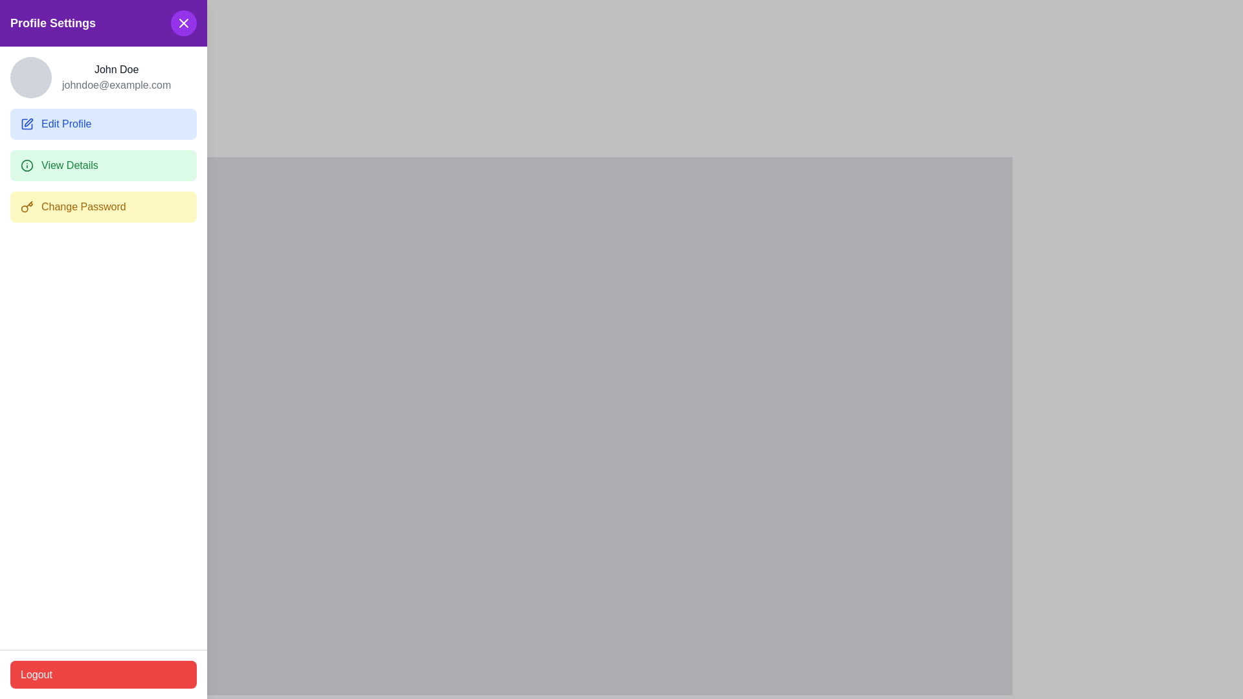 The height and width of the screenshot is (699, 1243). What do you see at coordinates (102, 124) in the screenshot?
I see `the blue rectangular 'Edit Profile' button with rounded corners located in the sidebar, directly below the user's name and email information` at bounding box center [102, 124].